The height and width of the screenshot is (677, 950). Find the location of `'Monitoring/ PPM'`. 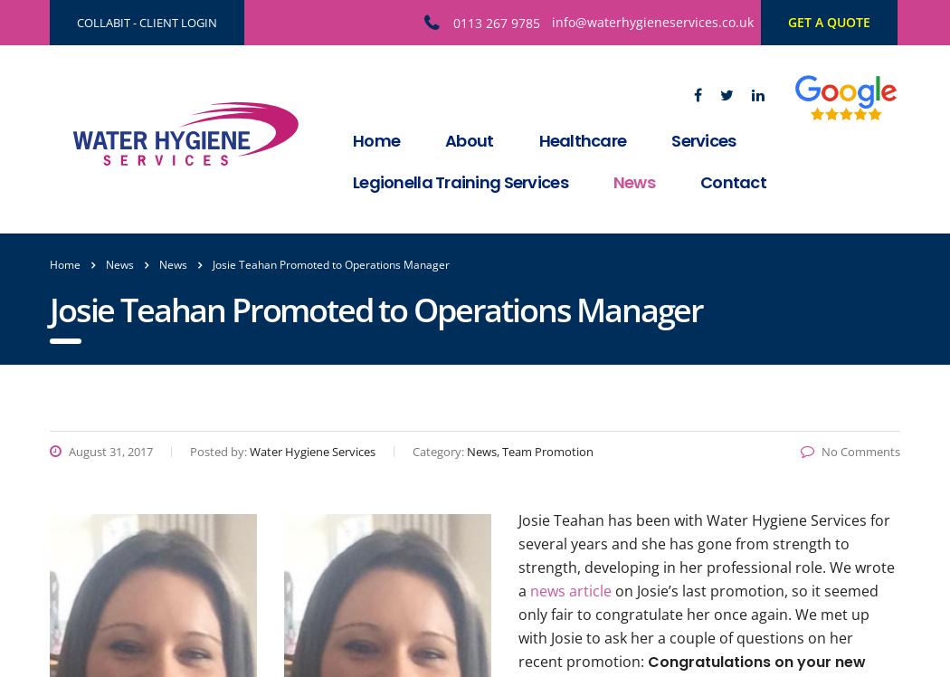

'Monitoring/ PPM' is located at coordinates (670, 191).